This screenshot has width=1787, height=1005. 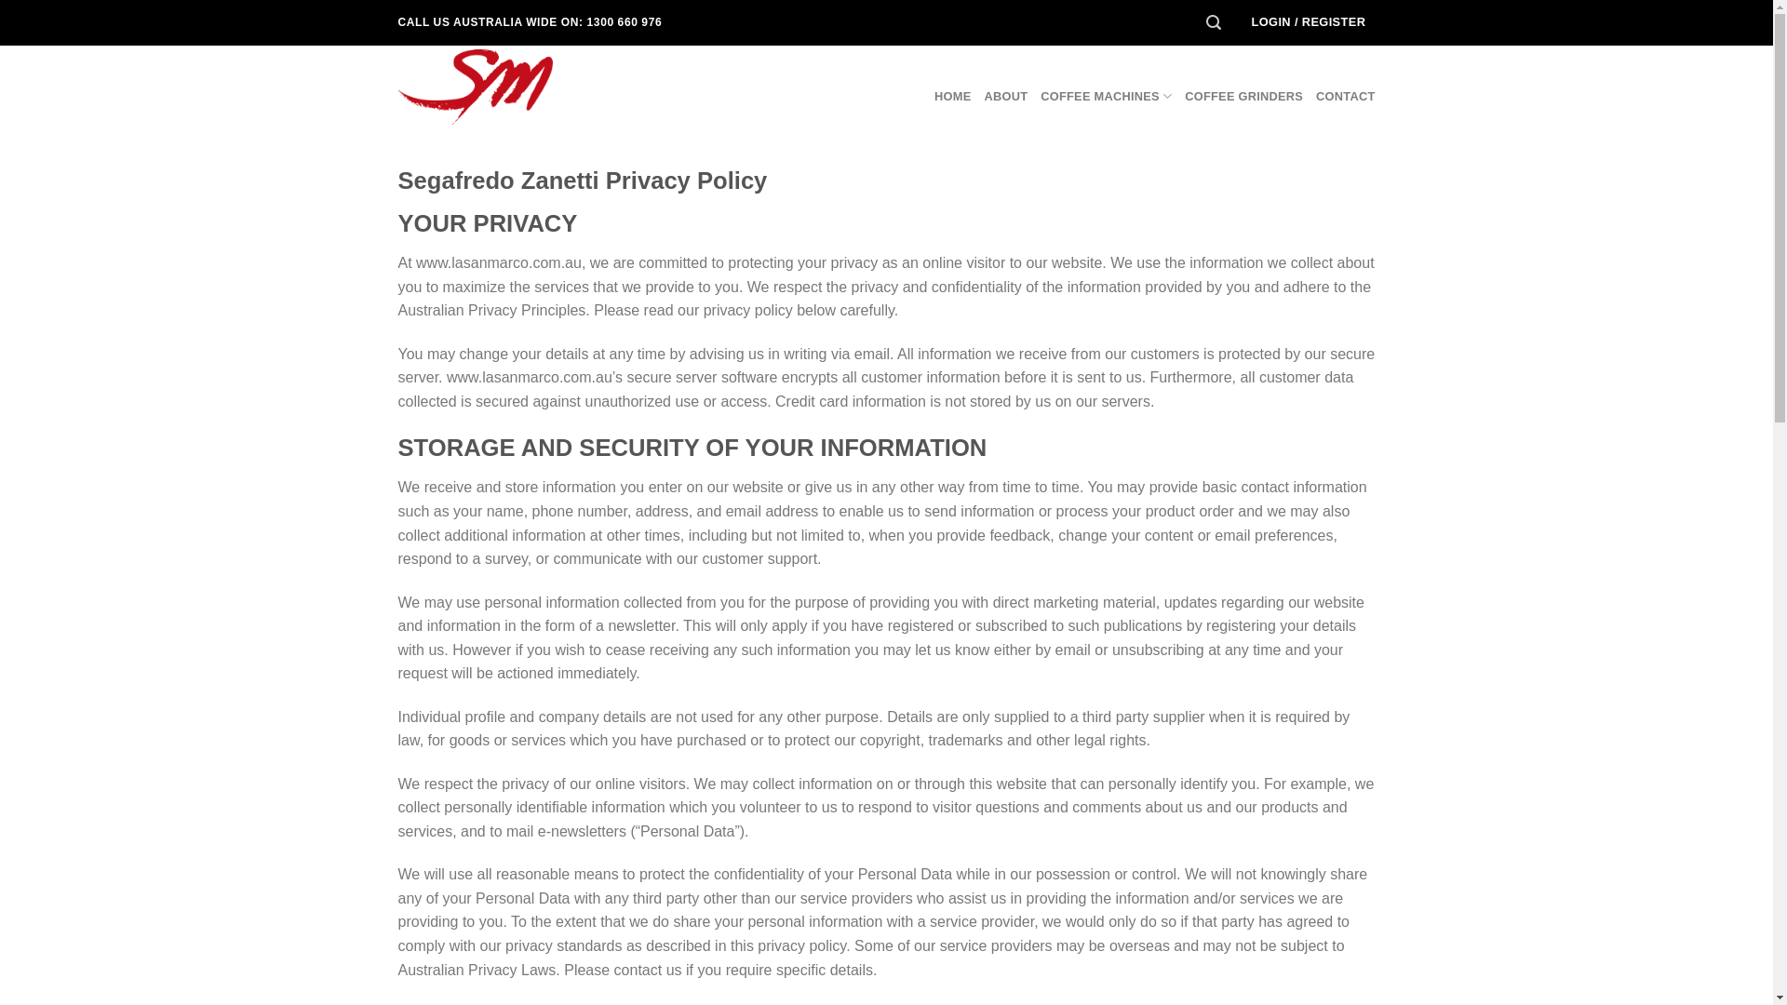 I want to click on 'COFFEE MACHINES', so click(x=1106, y=96).